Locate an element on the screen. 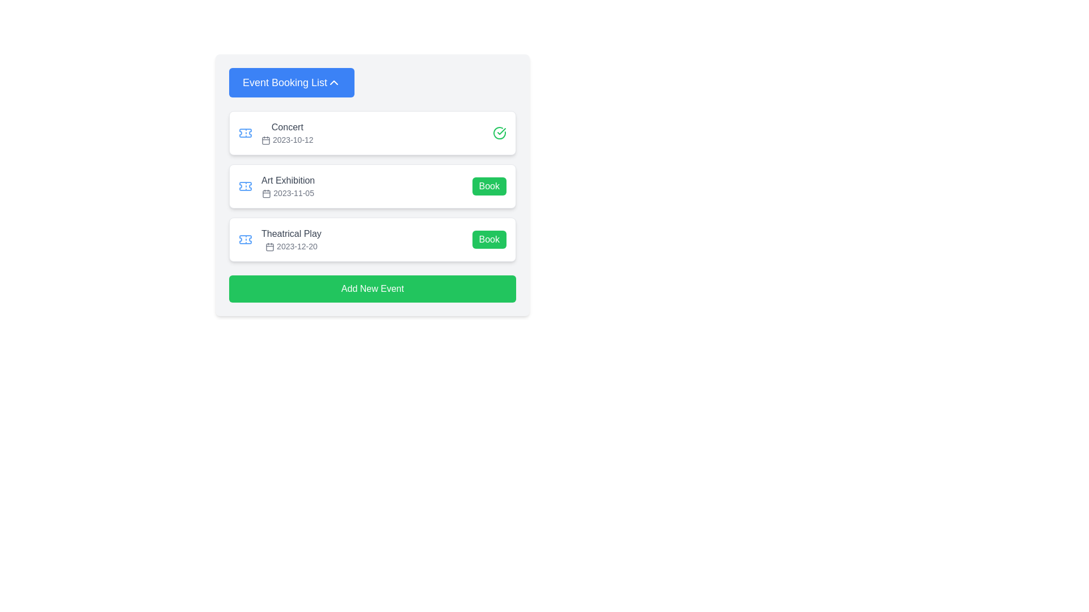 The width and height of the screenshot is (1089, 612). the green checkmark icon located at the right end of the event item displaying 'Concert' and '2023-10-12' is located at coordinates (499, 133).